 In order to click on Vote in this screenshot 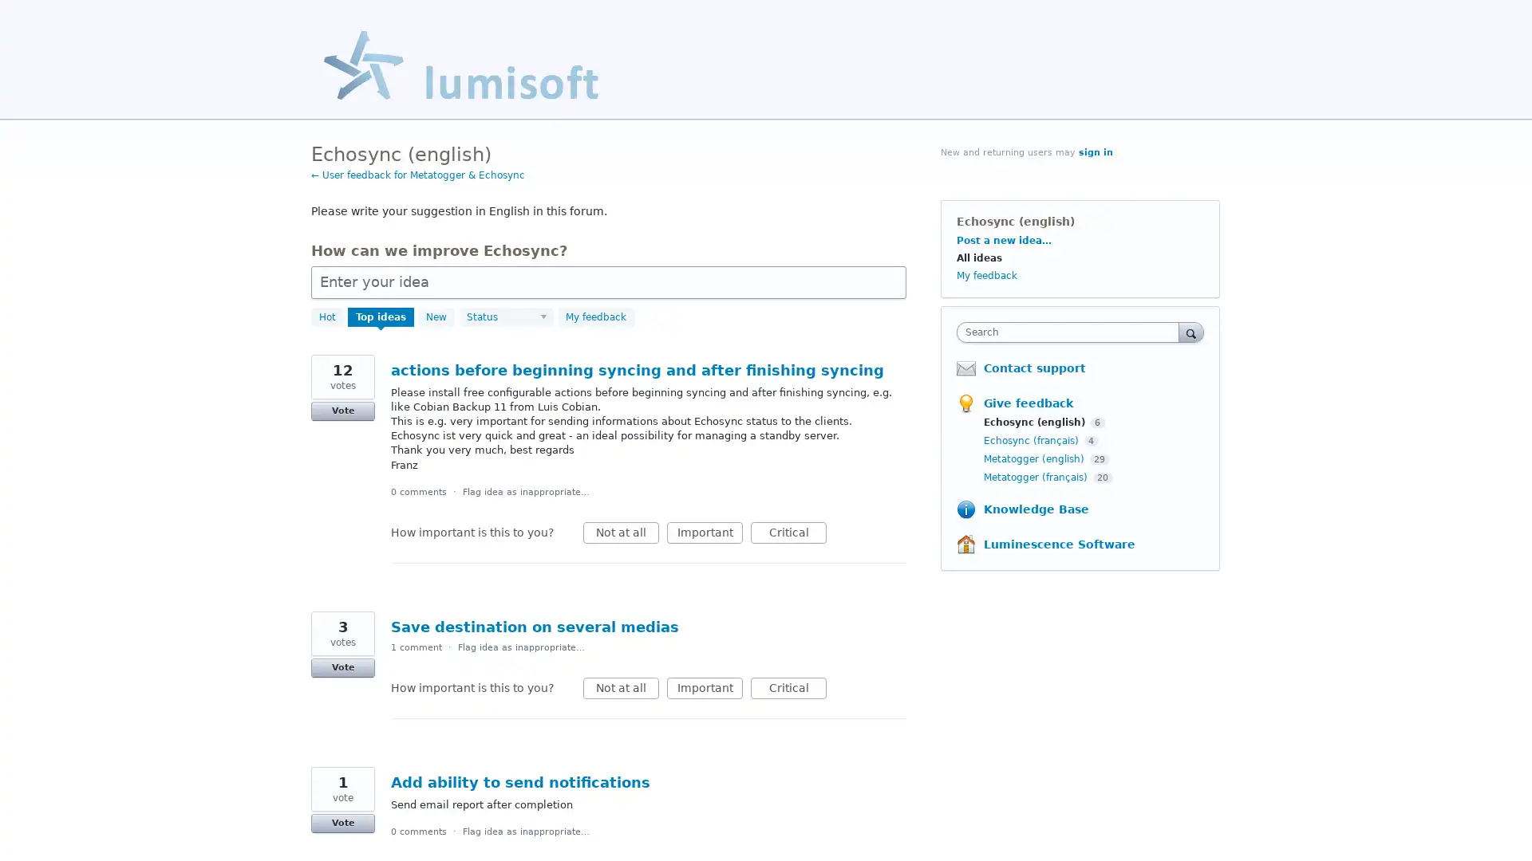, I will do `click(342, 667)`.